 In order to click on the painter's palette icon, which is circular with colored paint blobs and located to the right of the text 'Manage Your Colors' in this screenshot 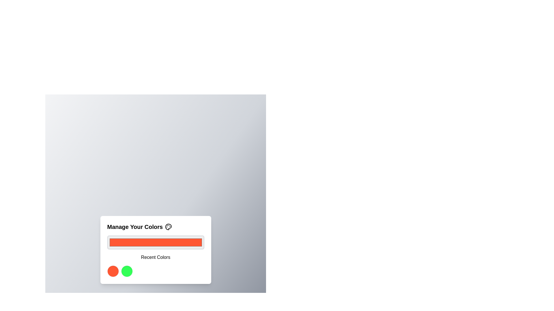, I will do `click(168, 226)`.